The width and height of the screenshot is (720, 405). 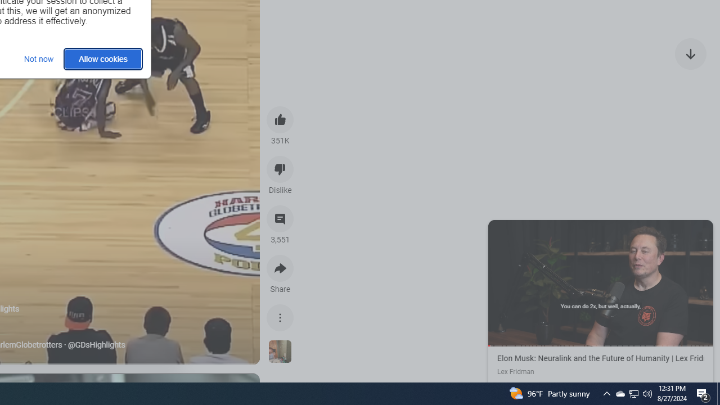 What do you see at coordinates (280, 268) in the screenshot?
I see `'Share'` at bounding box center [280, 268].